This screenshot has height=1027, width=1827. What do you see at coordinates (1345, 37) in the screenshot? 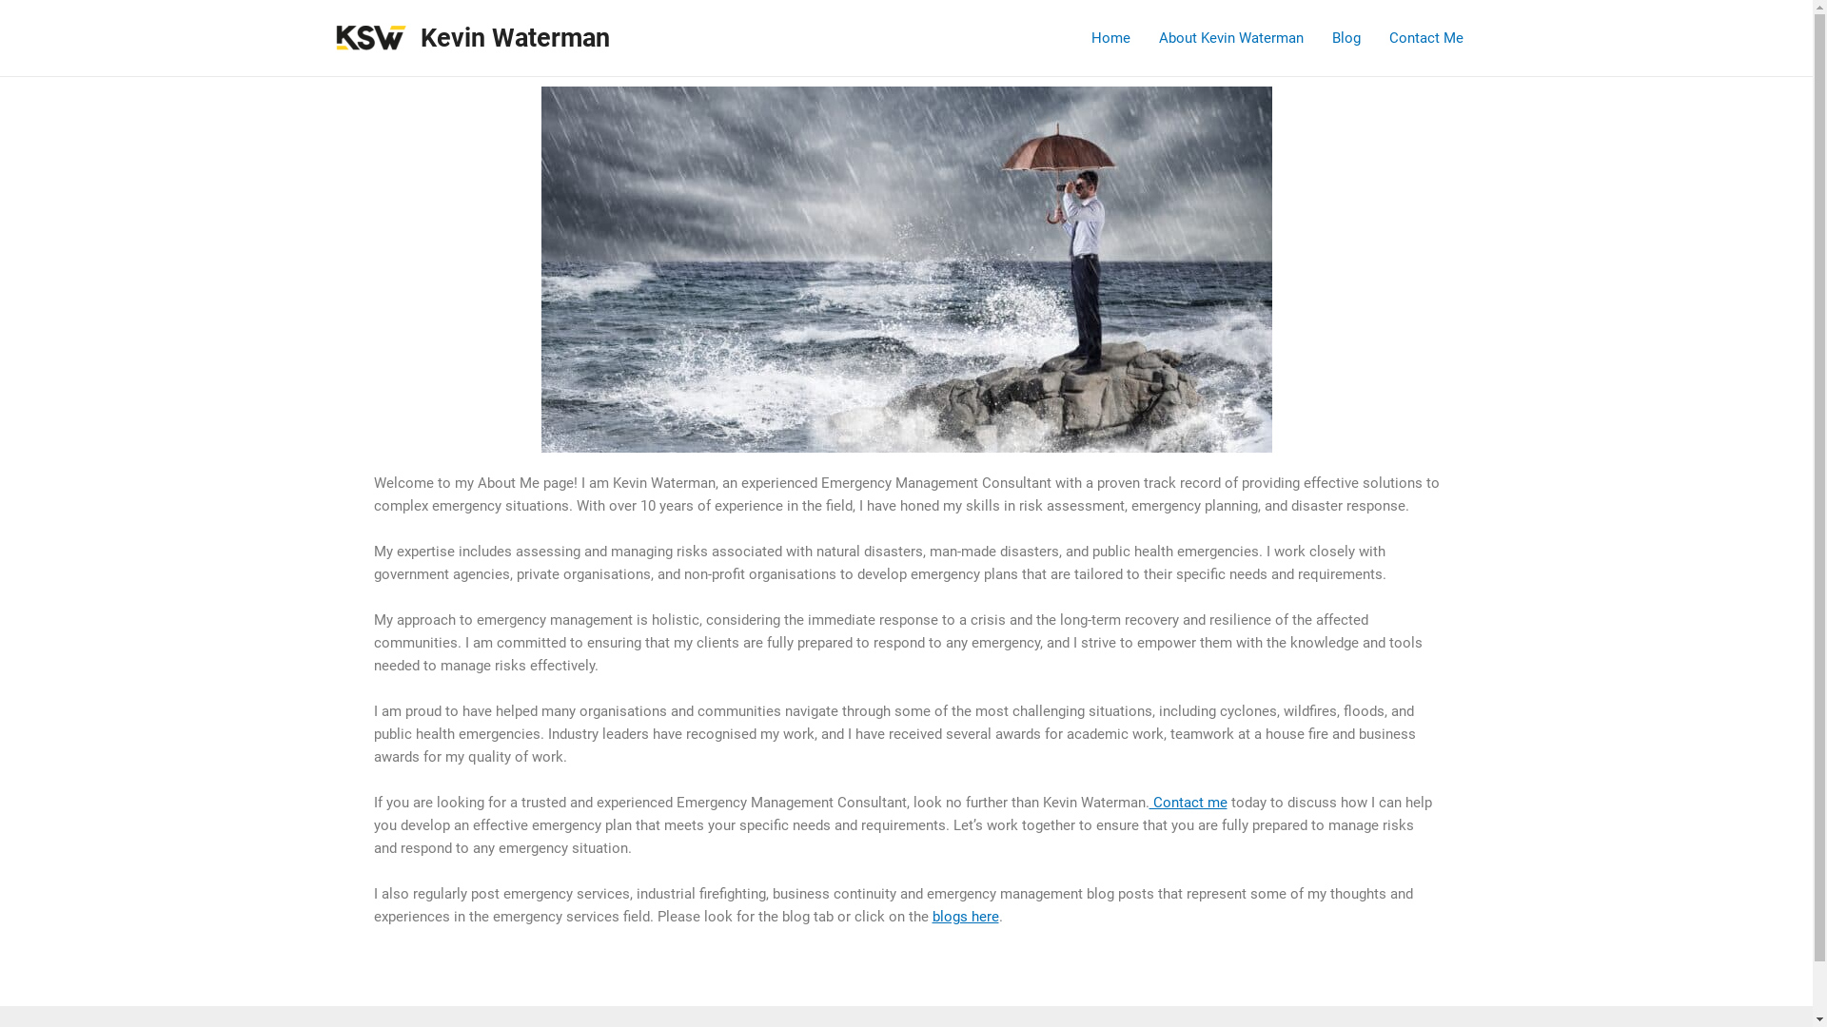
I see `'Blog'` at bounding box center [1345, 37].